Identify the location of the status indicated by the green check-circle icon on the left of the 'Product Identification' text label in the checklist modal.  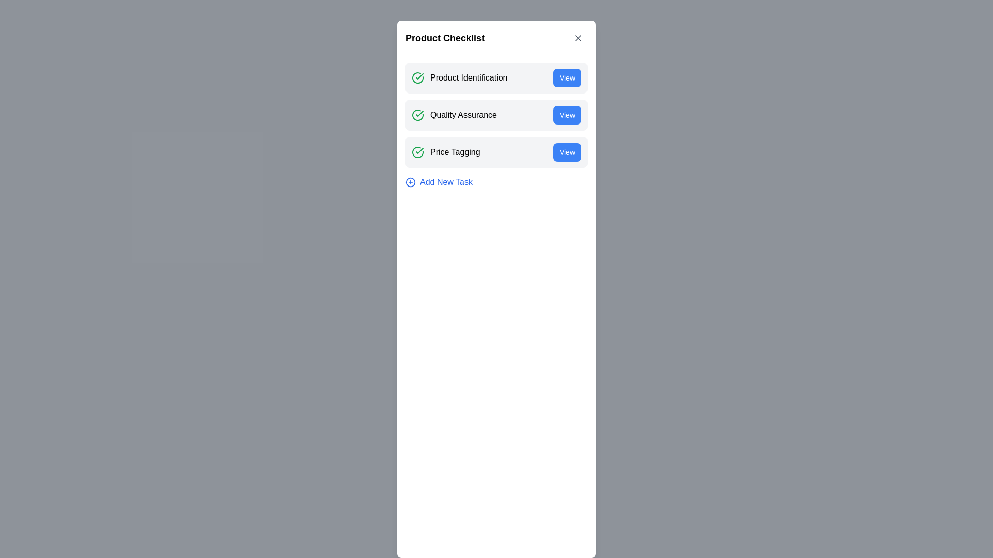
(459, 77).